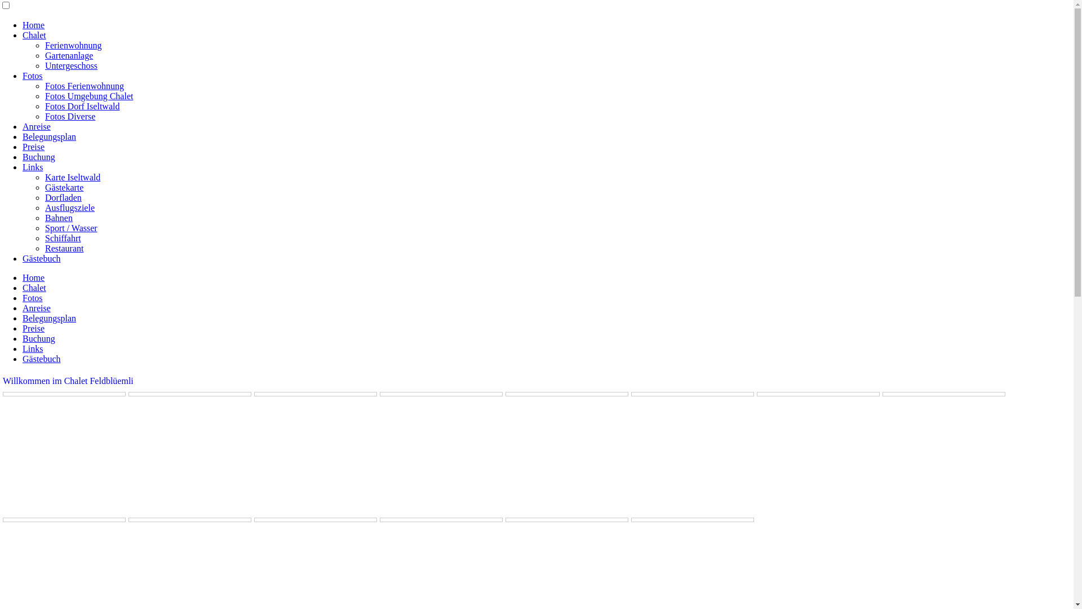 This screenshot has height=609, width=1082. Describe the element at coordinates (62, 237) in the screenshot. I see `'Schiffahrt'` at that location.